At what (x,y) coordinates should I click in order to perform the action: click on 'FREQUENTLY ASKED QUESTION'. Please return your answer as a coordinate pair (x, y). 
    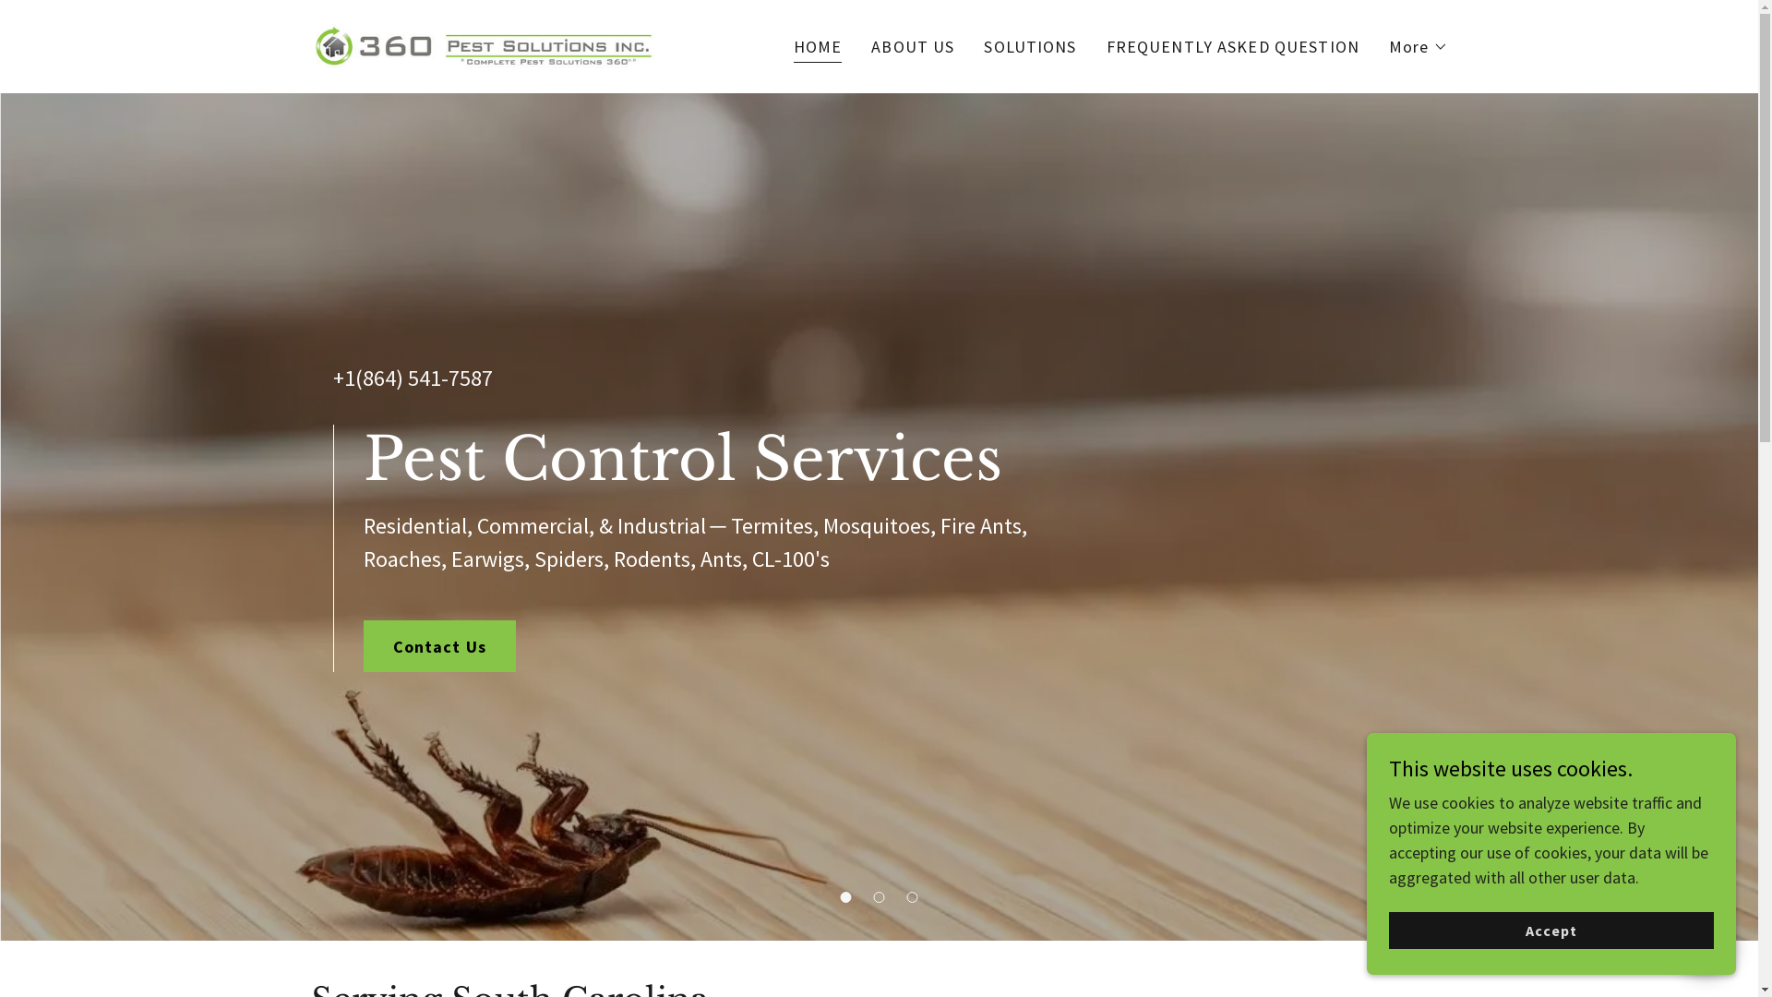
    Looking at the image, I should click on (1101, 45).